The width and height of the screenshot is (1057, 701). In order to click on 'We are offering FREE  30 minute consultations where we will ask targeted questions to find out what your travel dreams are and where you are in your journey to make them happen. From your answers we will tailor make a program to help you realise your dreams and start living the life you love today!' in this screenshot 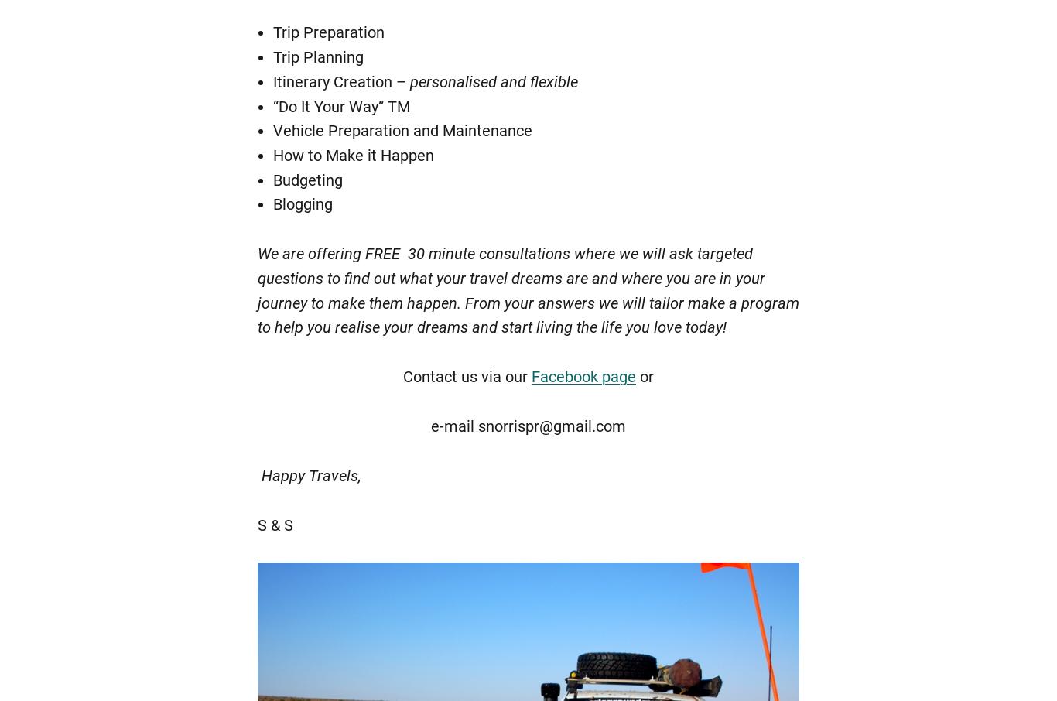, I will do `click(528, 289)`.